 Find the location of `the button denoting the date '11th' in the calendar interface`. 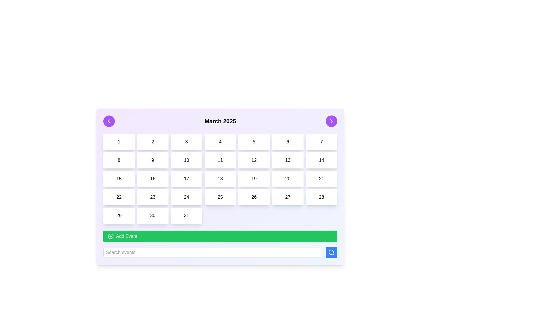

the button denoting the date '11th' in the calendar interface is located at coordinates (220, 160).